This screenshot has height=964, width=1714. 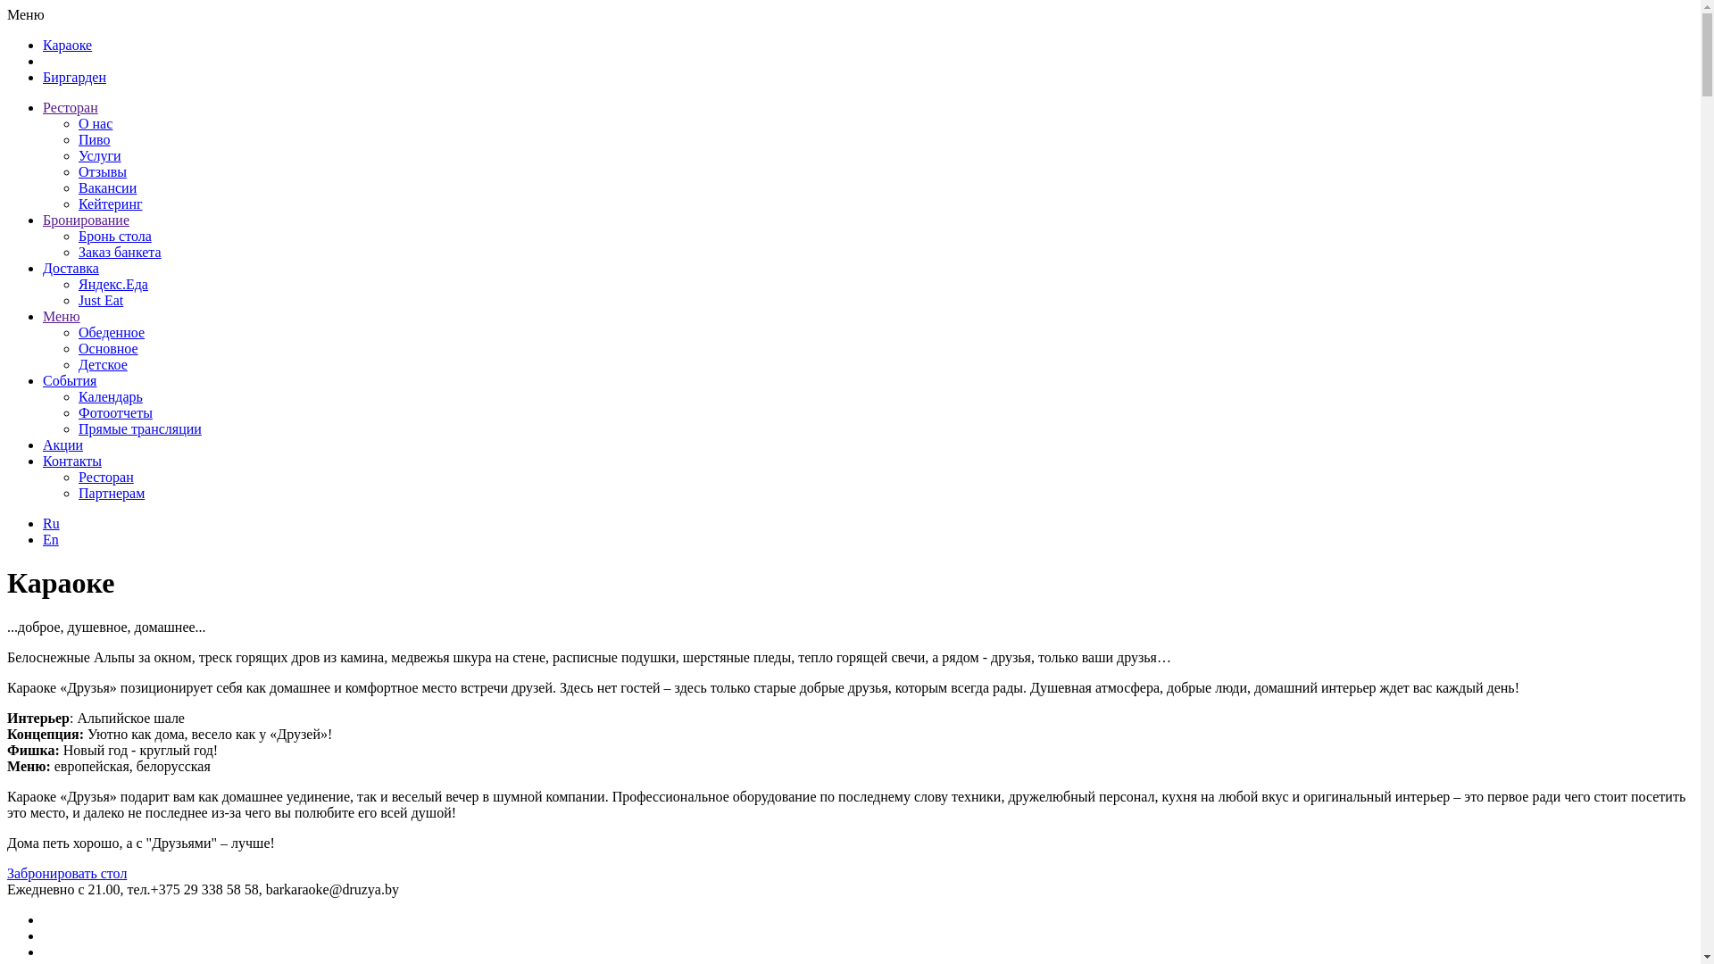 I want to click on 'Ru', so click(x=51, y=522).